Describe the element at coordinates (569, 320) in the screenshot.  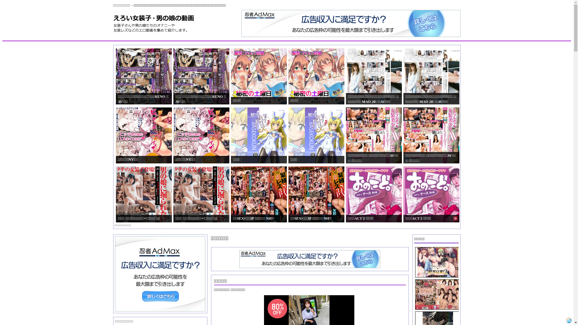
I see `'Blozoo'` at that location.